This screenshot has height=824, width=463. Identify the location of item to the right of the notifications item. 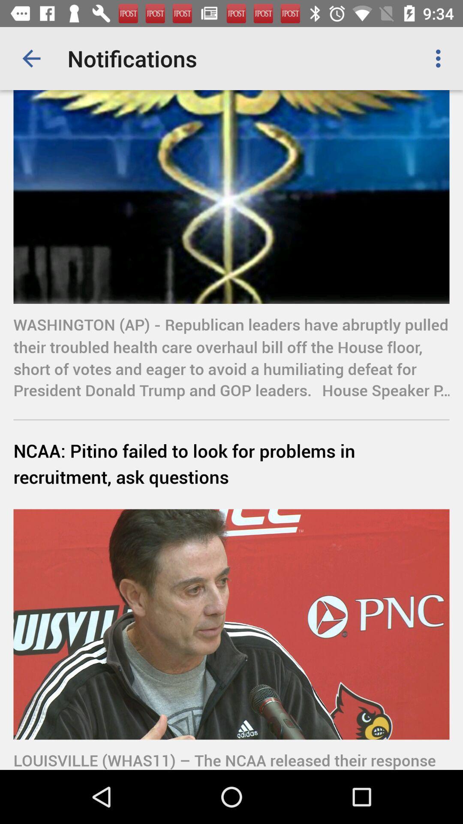
(440, 58).